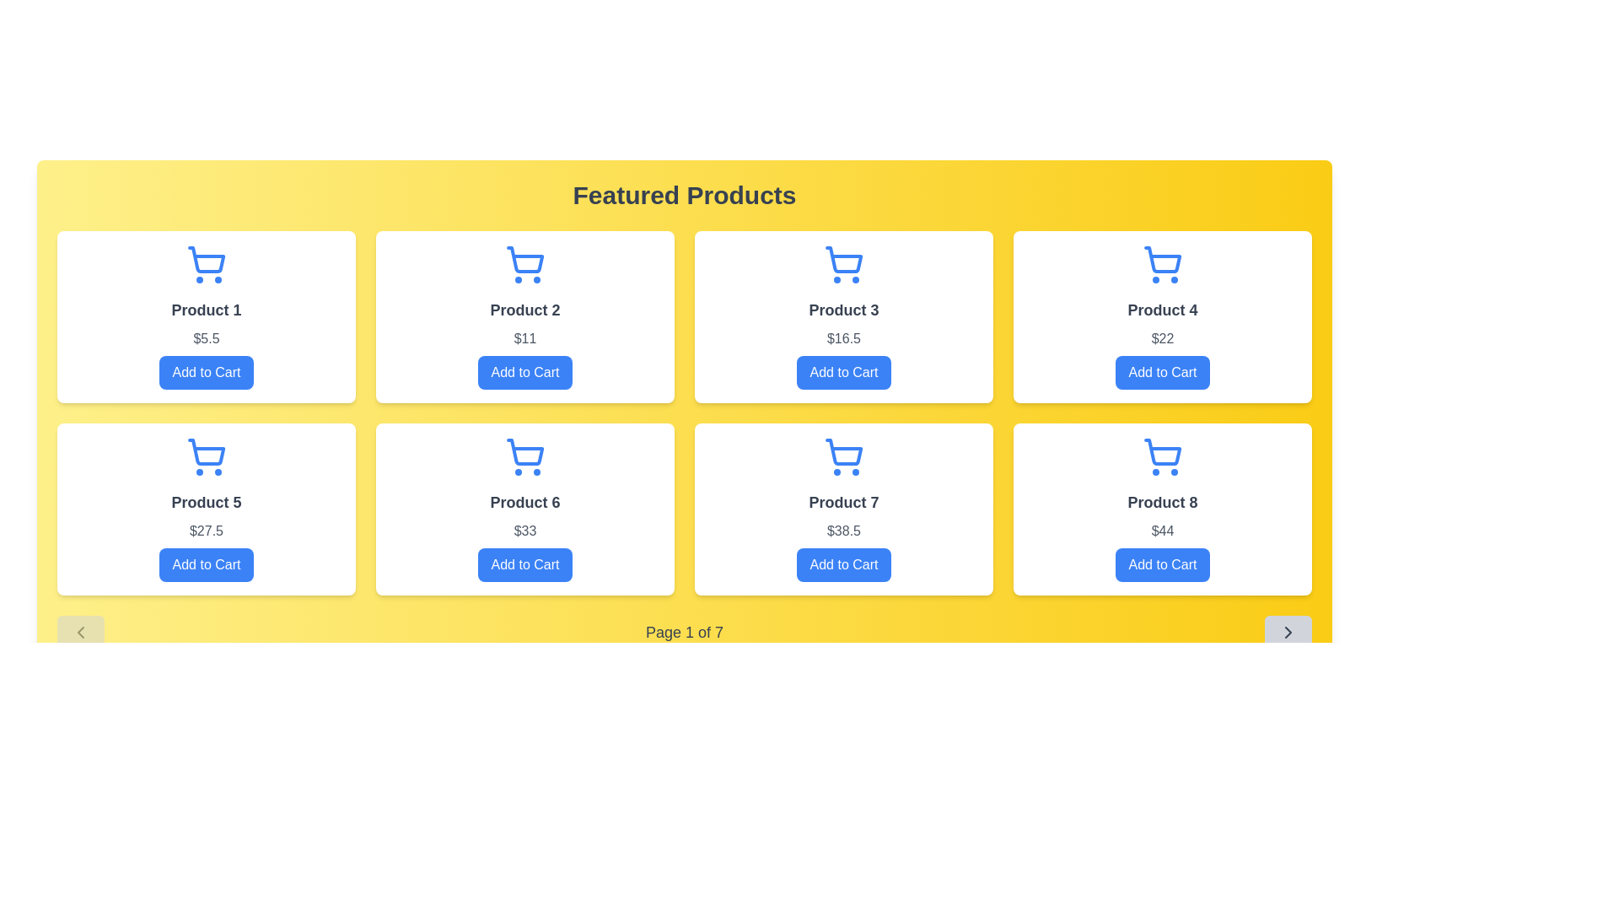 Image resolution: width=1619 pixels, height=911 pixels. What do you see at coordinates (205, 502) in the screenshot?
I see `the text label displaying the product's name for 'Product 5', which is centrally located in the card in the second row, first column of the product grid layout` at bounding box center [205, 502].